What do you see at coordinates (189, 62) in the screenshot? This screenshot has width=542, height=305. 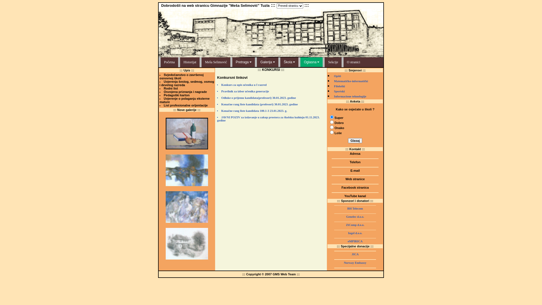 I see `'Historijat'` at bounding box center [189, 62].